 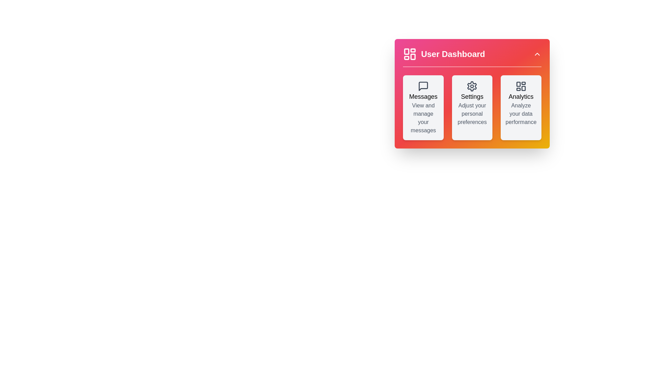 What do you see at coordinates (423, 86) in the screenshot?
I see `the speech bubble icon at the top of the 'Messages' card in the 'User Dashboard' interface` at bounding box center [423, 86].